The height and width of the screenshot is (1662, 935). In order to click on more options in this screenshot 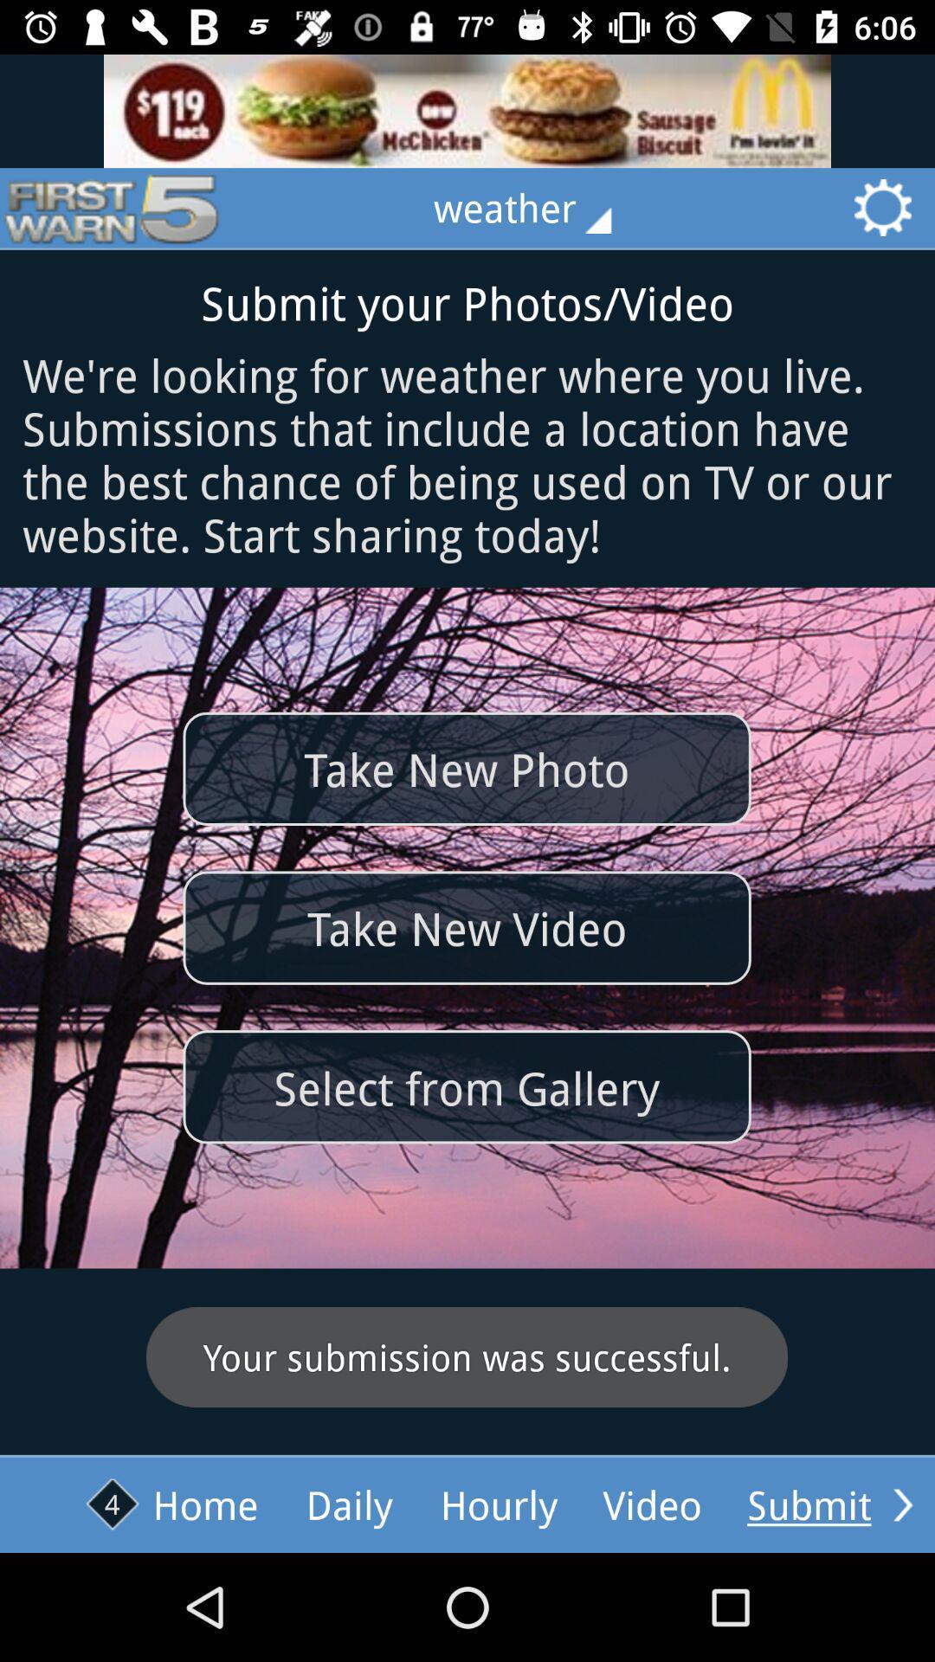, I will do `click(902, 1504)`.